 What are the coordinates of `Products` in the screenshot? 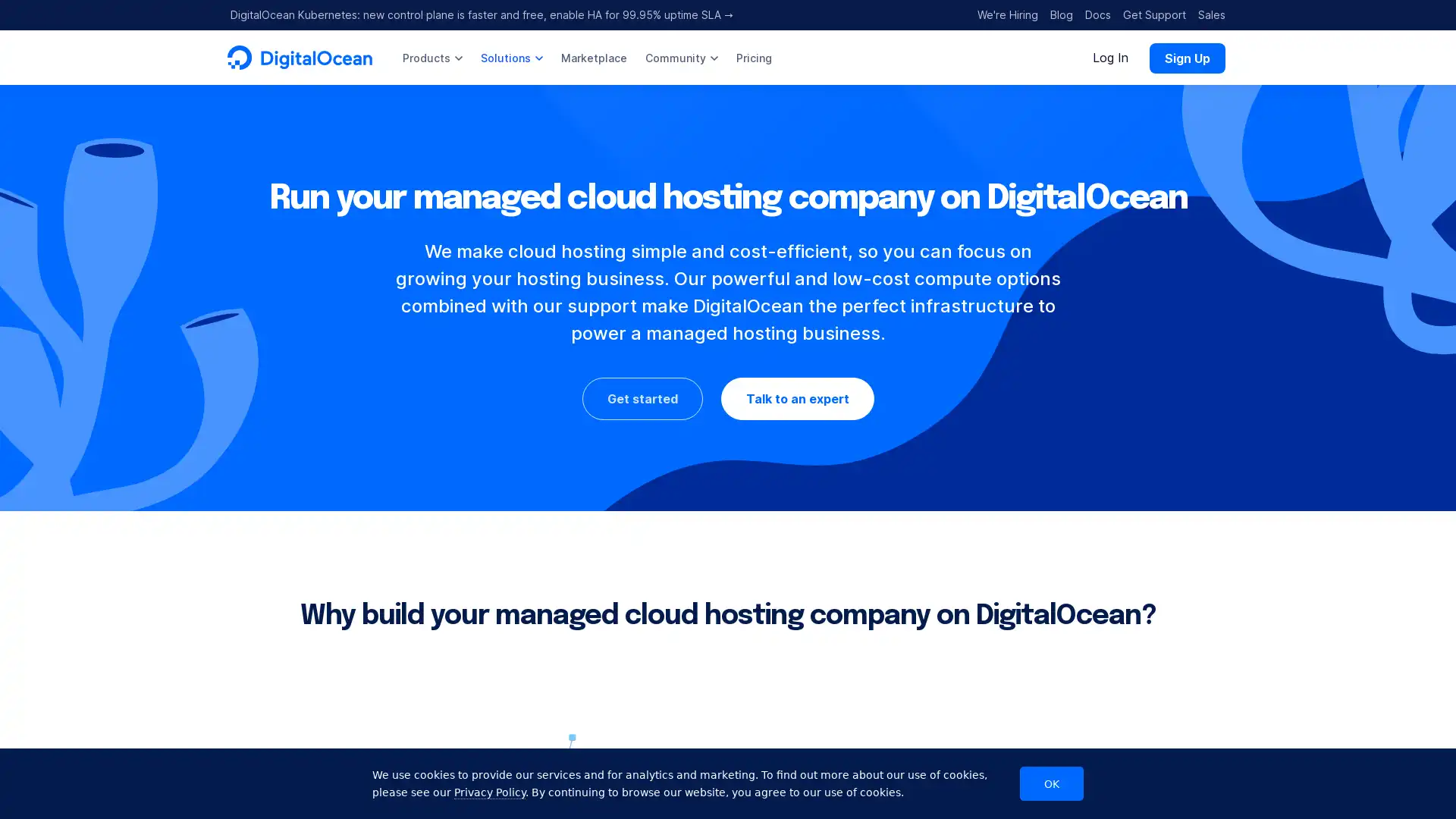 It's located at (431, 57).